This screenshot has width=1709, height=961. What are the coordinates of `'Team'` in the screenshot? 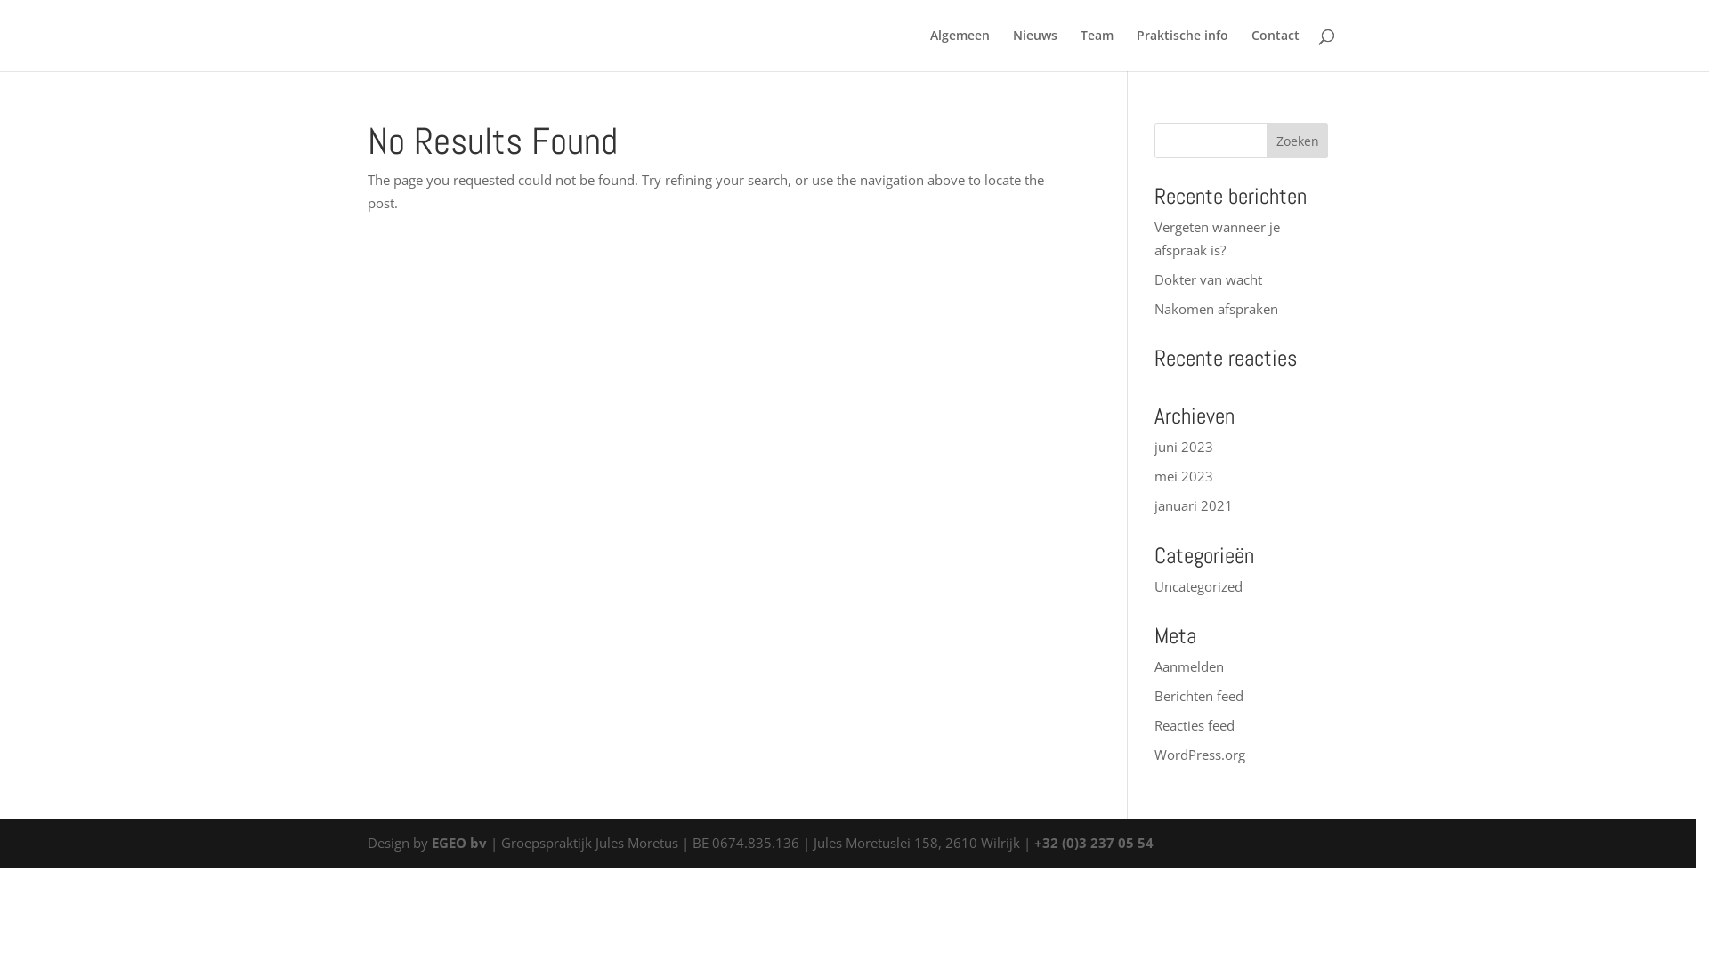 It's located at (1096, 49).